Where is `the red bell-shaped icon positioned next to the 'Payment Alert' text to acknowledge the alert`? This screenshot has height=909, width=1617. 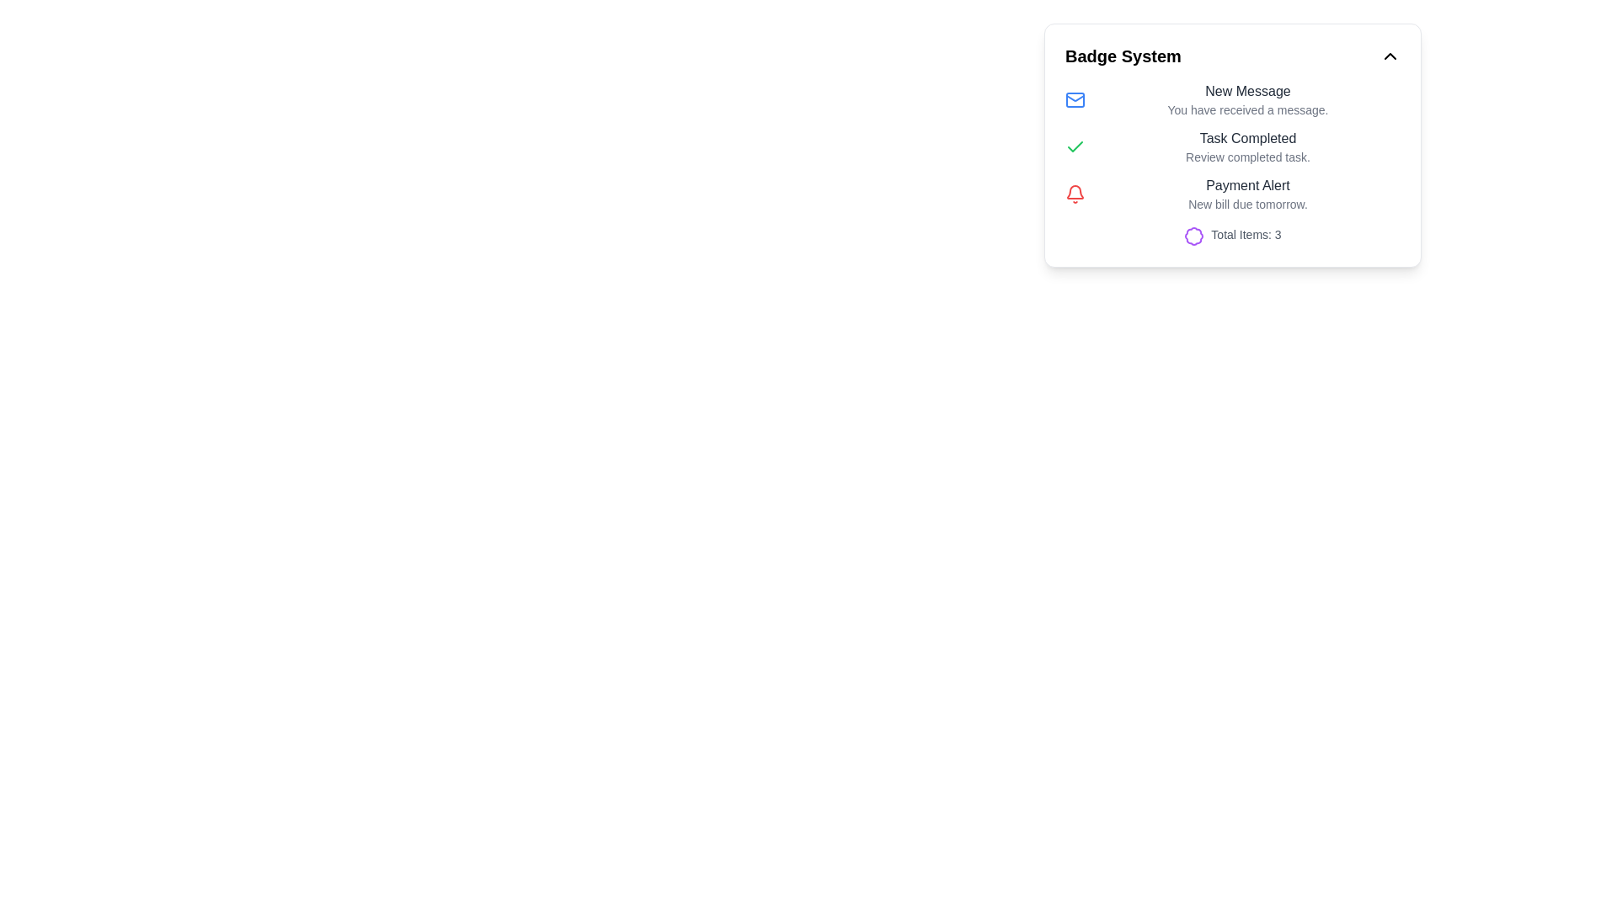
the red bell-shaped icon positioned next to the 'Payment Alert' text to acknowledge the alert is located at coordinates (1074, 194).